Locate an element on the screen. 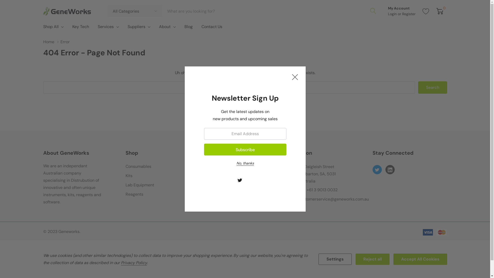 The width and height of the screenshot is (494, 278). 'Settings' is located at coordinates (335, 259).